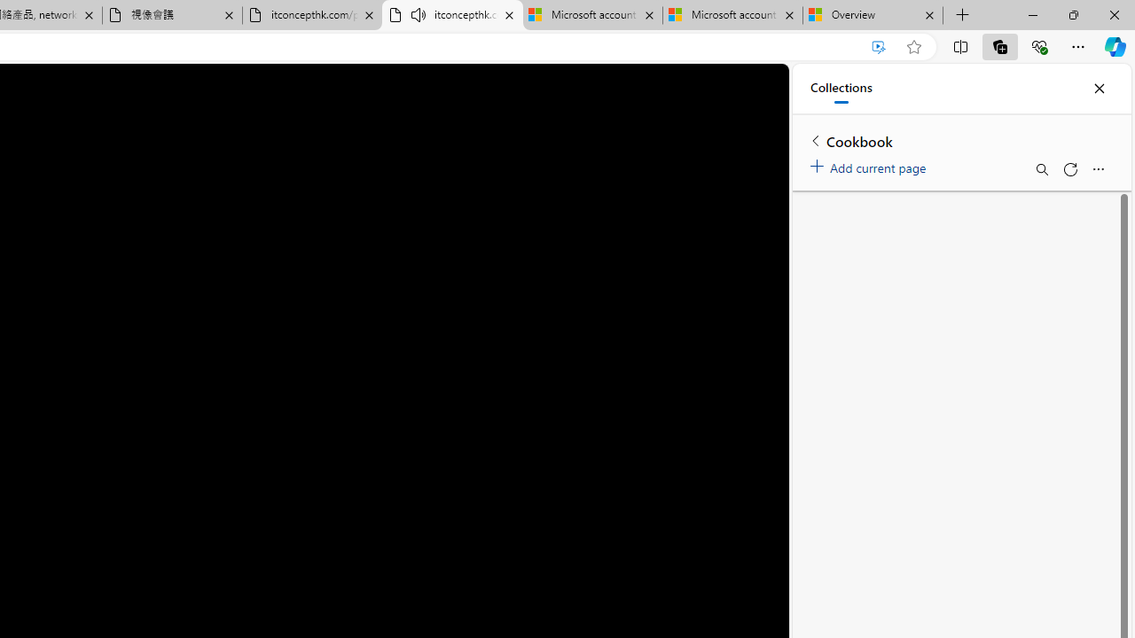 The height and width of the screenshot is (638, 1135). I want to click on 'itconcepthk.com/projector_solutions.mp4', so click(312, 15).